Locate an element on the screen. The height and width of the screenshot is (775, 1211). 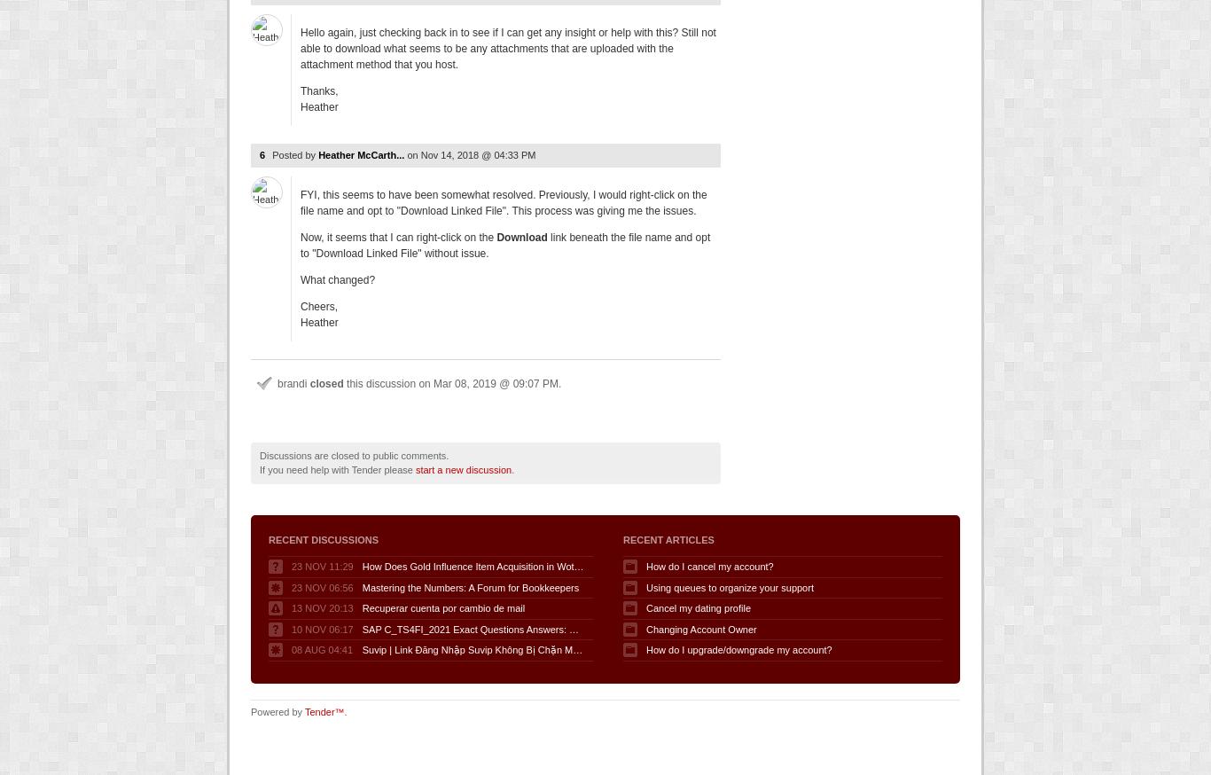
'Suvip | Link Đăng Nhập Suvip Không Bị Chặn Mới Nhất' is located at coordinates (483, 649).